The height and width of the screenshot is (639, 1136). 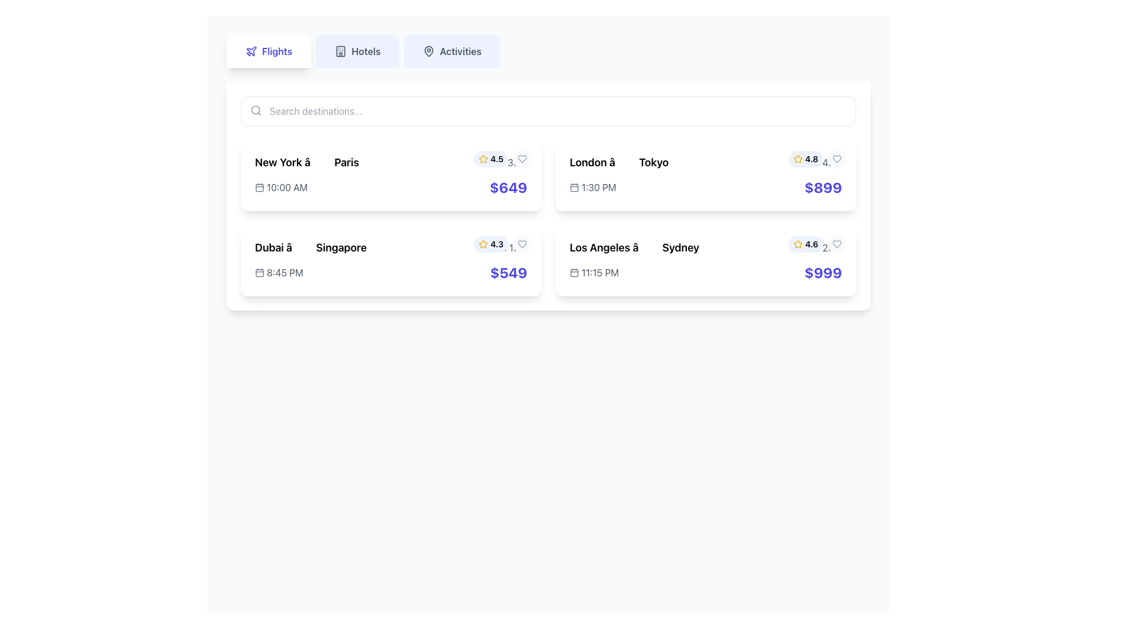 What do you see at coordinates (280, 186) in the screenshot?
I see `the Label with icon that indicates the departure time for a flight, located beneath the 'New York â Paris' title and to the left of the '$649' price indicator` at bounding box center [280, 186].